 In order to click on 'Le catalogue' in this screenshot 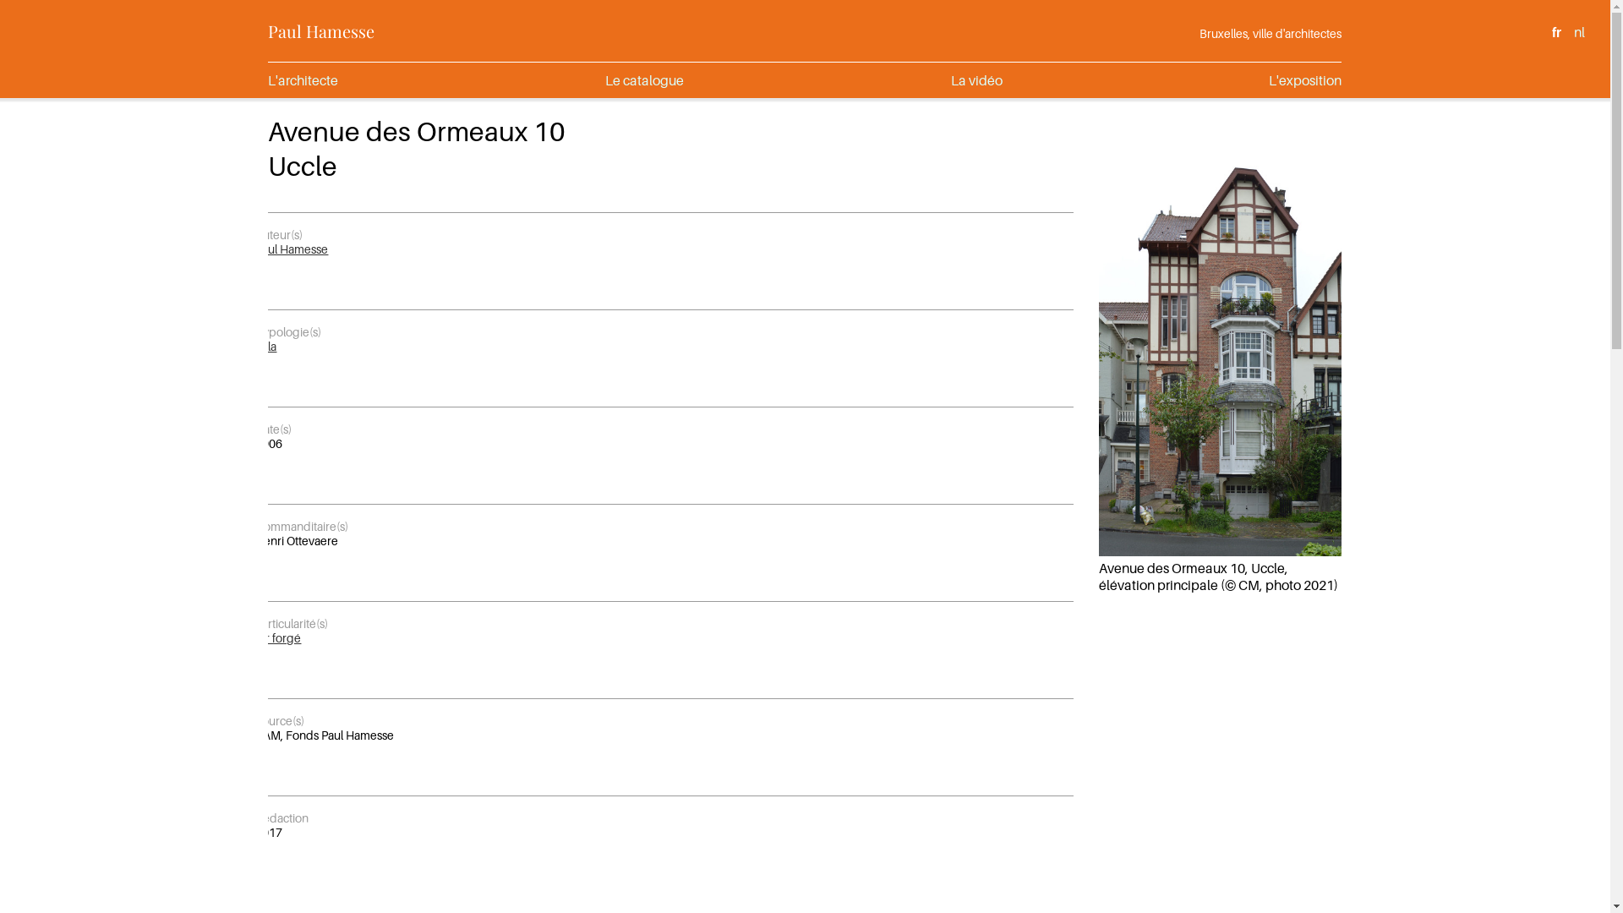, I will do `click(643, 80)`.